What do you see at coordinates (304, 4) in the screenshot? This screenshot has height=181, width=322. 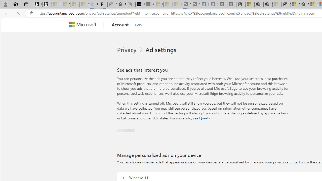 I see `'Nordace - Nordace Siena Is Not An Ordinary Backpack'` at bounding box center [304, 4].